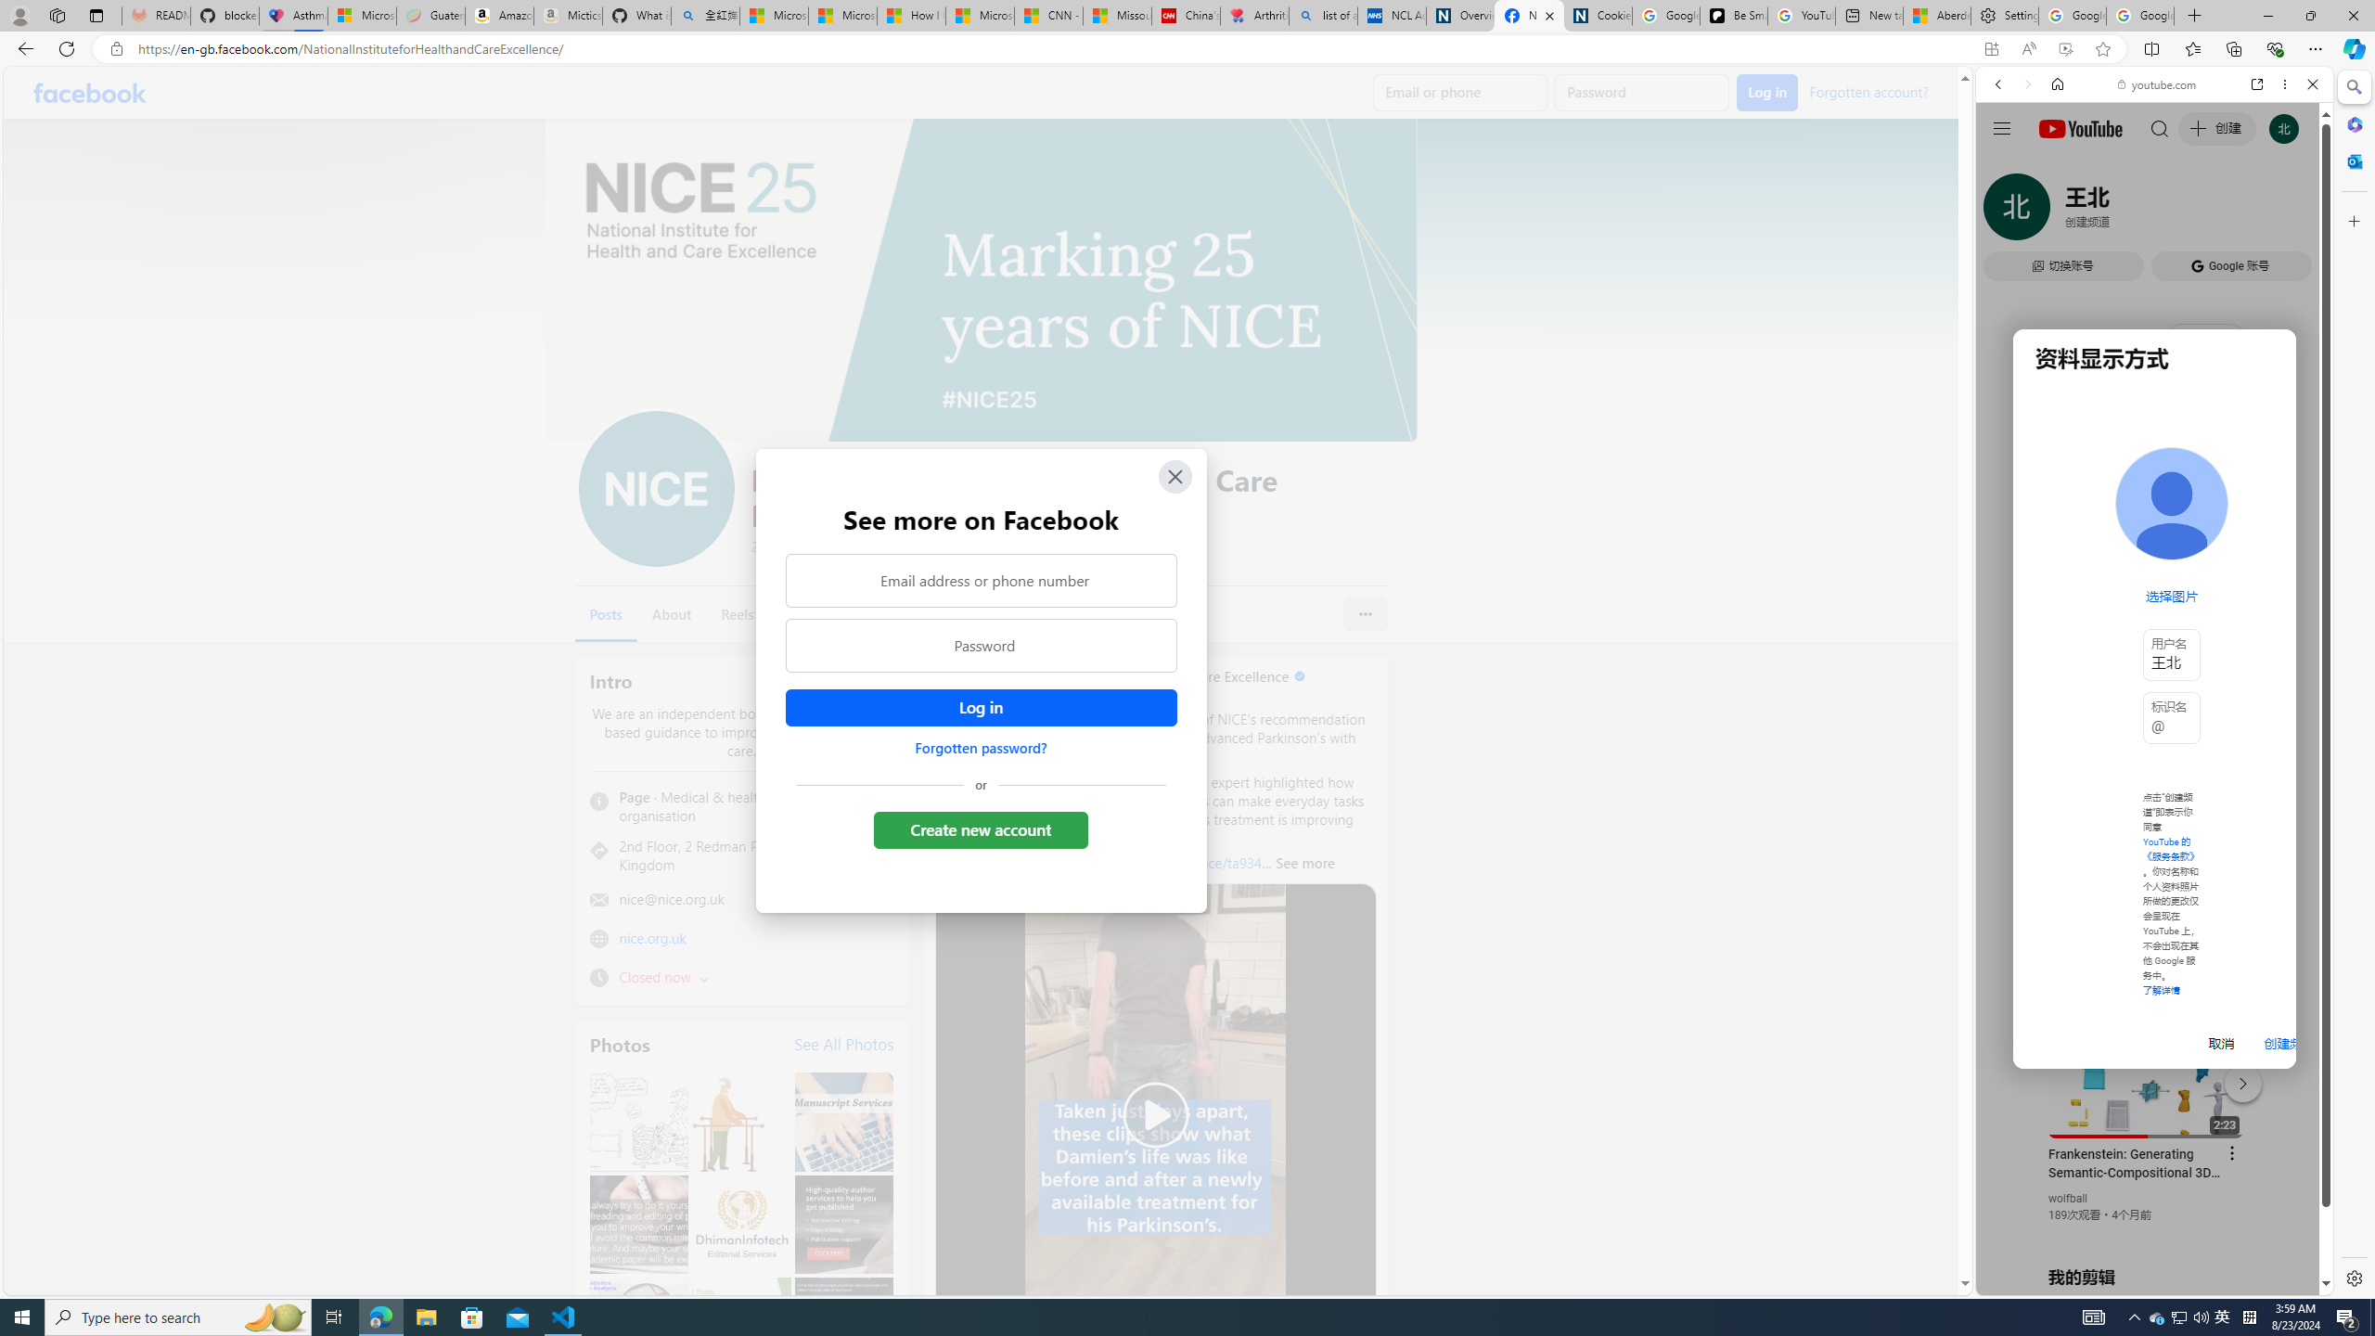 The image size is (2375, 1336). I want to click on 'Email or phone', so click(1459, 92).